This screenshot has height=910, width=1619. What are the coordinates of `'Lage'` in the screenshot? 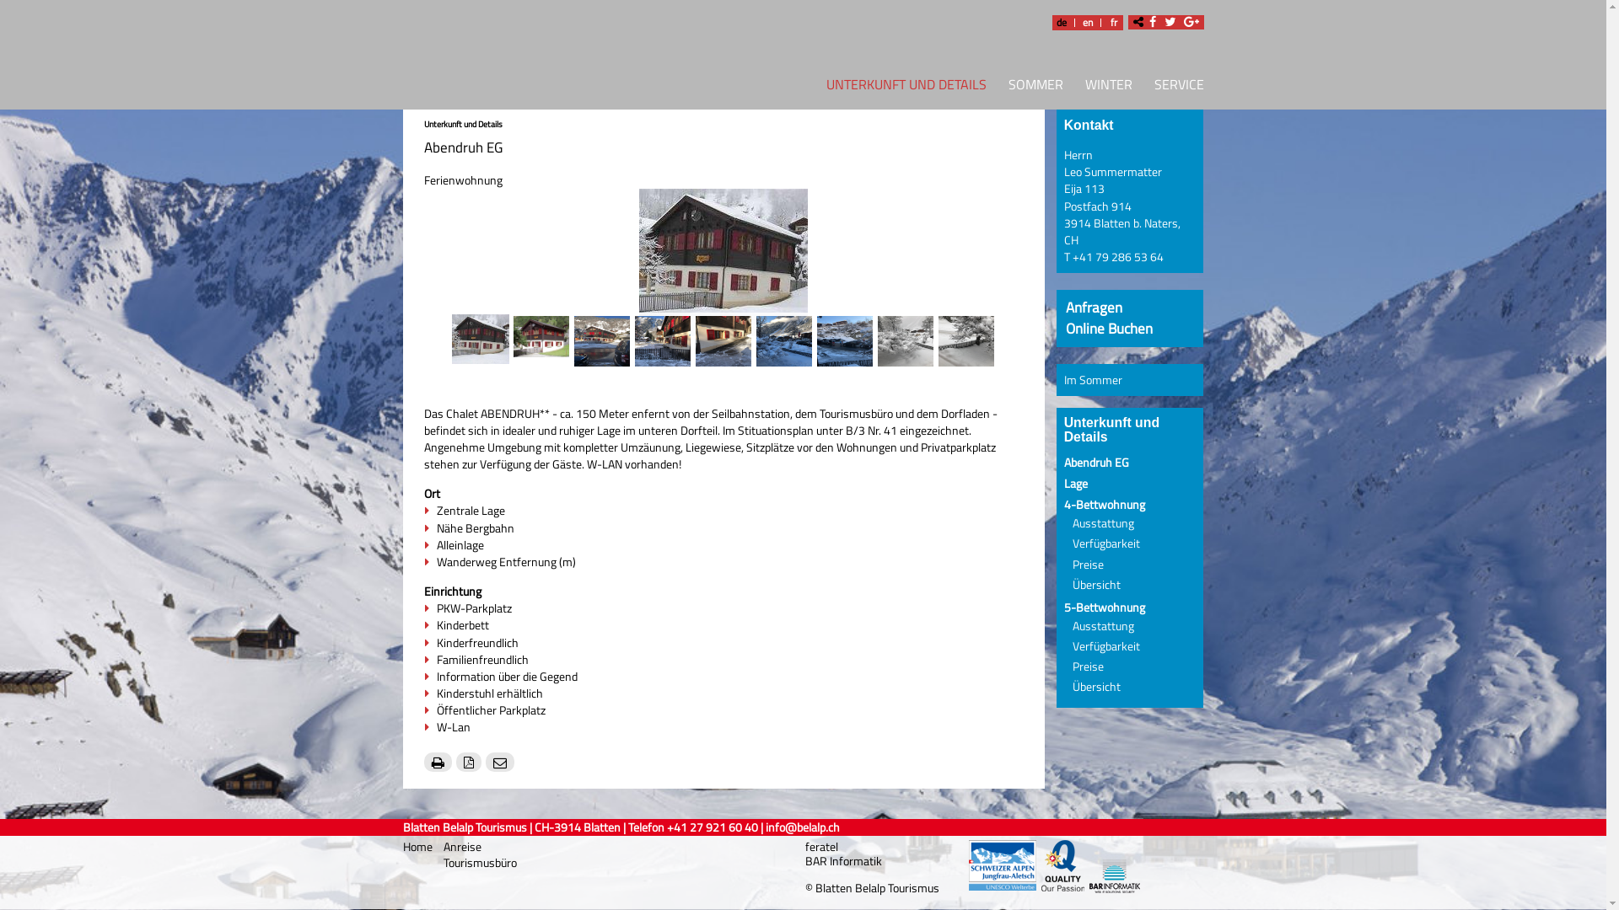 It's located at (1075, 484).